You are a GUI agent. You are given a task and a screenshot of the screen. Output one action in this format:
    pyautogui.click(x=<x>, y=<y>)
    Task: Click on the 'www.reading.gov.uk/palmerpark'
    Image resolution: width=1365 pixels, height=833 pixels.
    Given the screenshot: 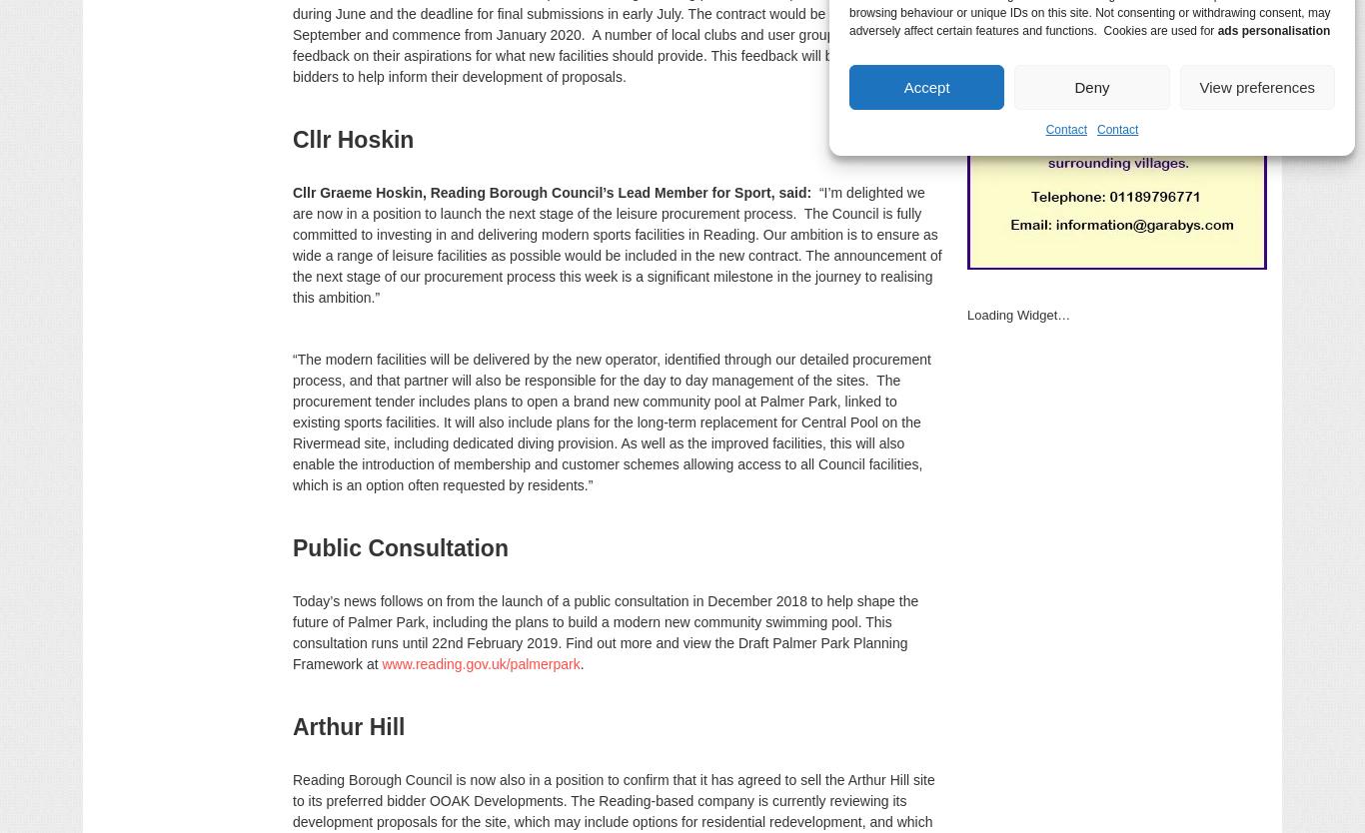 What is the action you would take?
    pyautogui.click(x=380, y=663)
    